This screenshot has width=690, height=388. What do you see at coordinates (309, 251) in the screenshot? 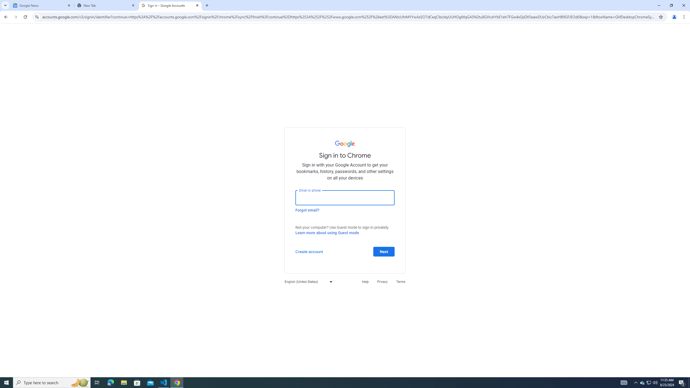
I see `'Create account'` at bounding box center [309, 251].